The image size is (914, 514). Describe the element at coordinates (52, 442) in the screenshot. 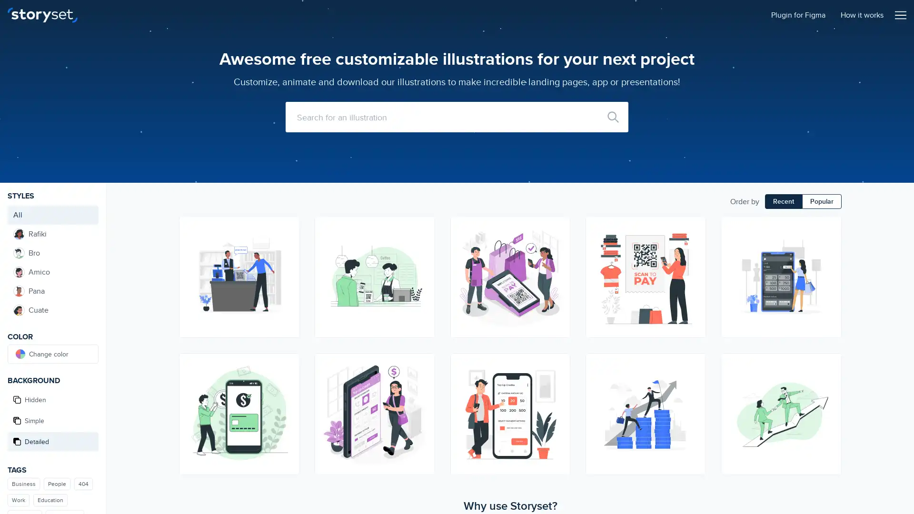

I see `Detailed` at that location.